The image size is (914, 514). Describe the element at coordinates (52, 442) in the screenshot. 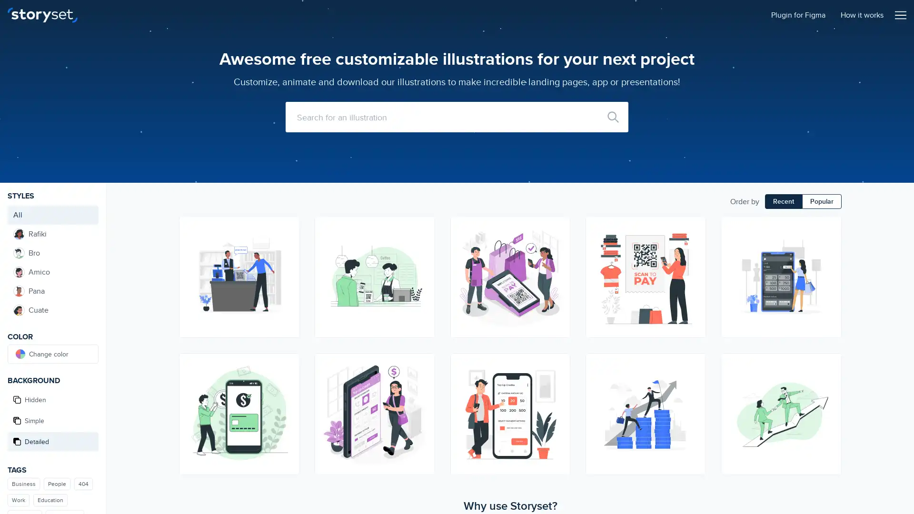

I see `Detailed` at that location.